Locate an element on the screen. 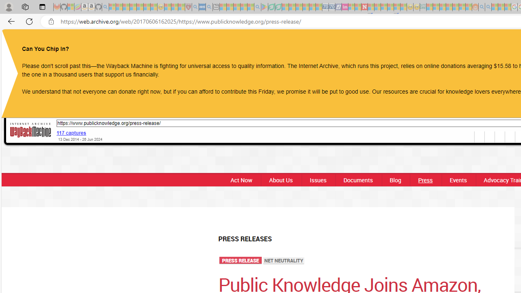 The height and width of the screenshot is (293, 521). 'About Us' is located at coordinates (280, 179).